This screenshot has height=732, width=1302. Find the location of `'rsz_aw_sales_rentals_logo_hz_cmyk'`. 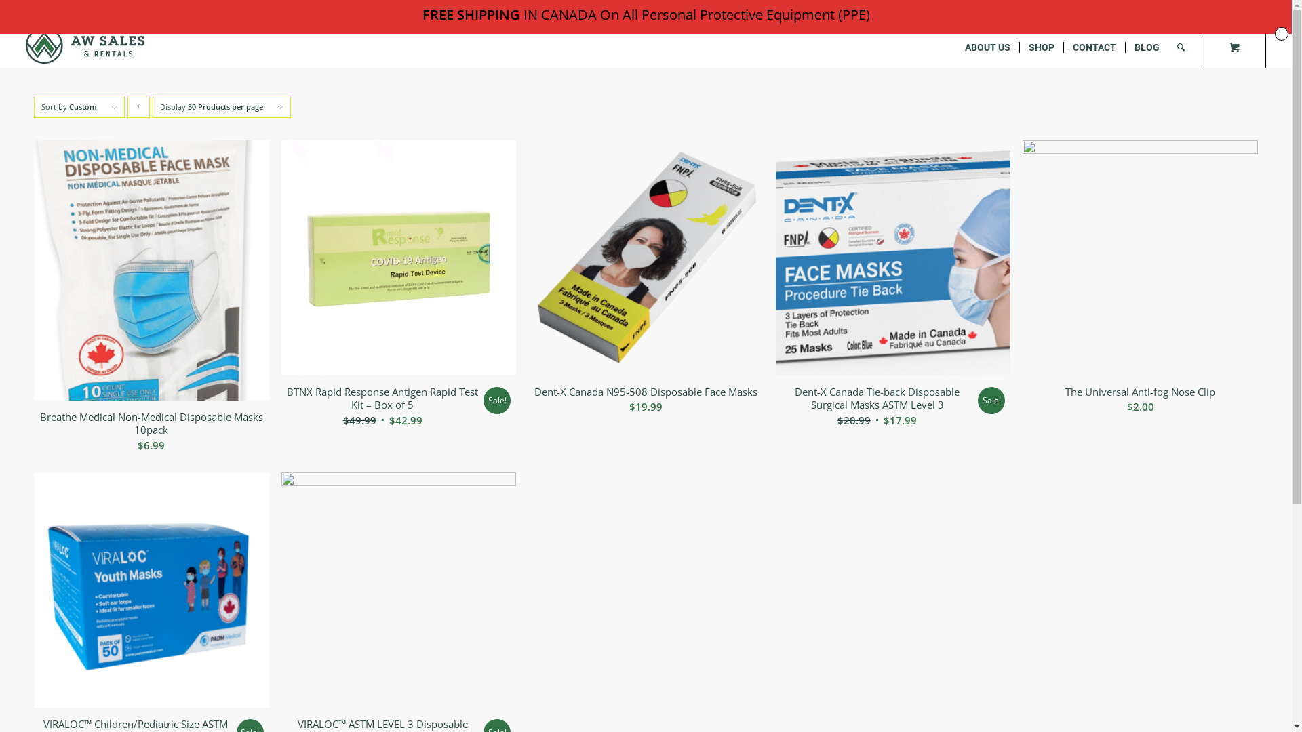

'rsz_aw_sales_rentals_logo_hz_cmyk' is located at coordinates (84, 44).